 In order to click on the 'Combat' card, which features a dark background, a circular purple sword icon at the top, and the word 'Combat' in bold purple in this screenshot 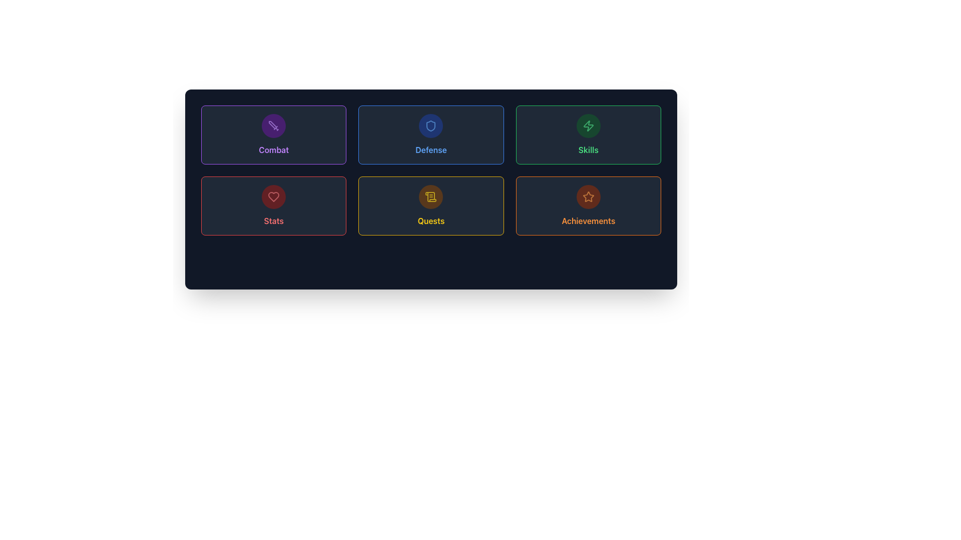, I will do `click(274, 135)`.